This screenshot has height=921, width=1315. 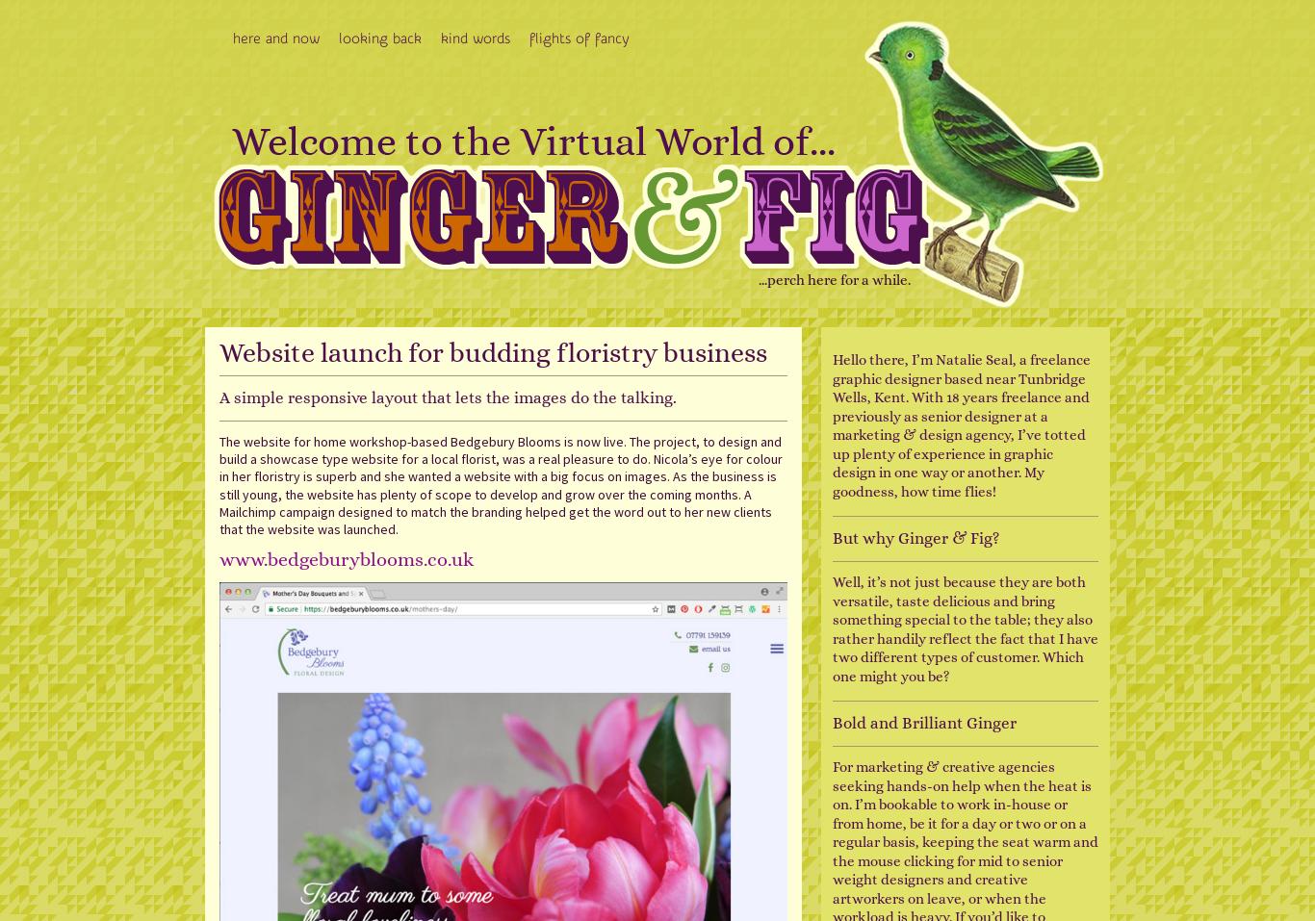 I want to click on 'flights of fancy', so click(x=578, y=38).